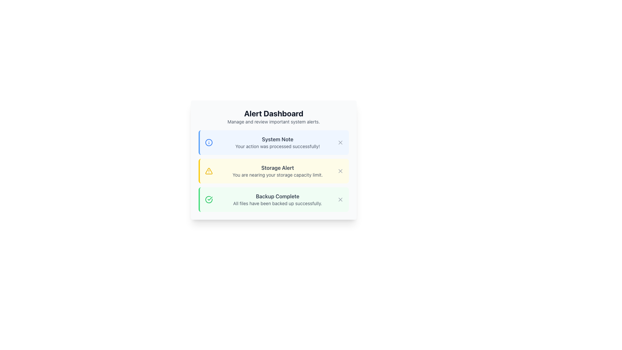 The height and width of the screenshot is (350, 622). Describe the element at coordinates (209, 142) in the screenshot. I see `the SVG circle that is part of the info icon for the 'System Note', located inside a blue rectangle on the left side of the 'System Note' row` at that location.